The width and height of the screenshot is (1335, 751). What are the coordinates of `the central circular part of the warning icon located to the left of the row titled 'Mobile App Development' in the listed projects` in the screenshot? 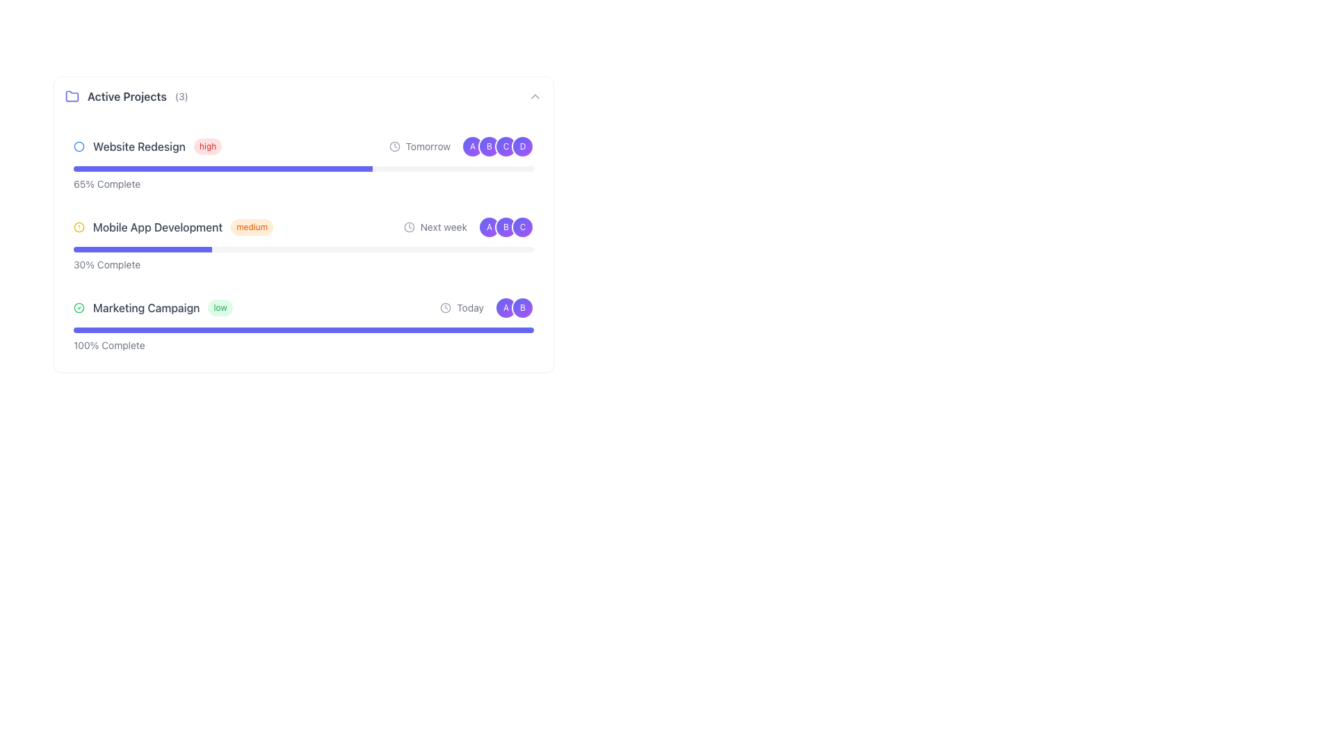 It's located at (79, 227).